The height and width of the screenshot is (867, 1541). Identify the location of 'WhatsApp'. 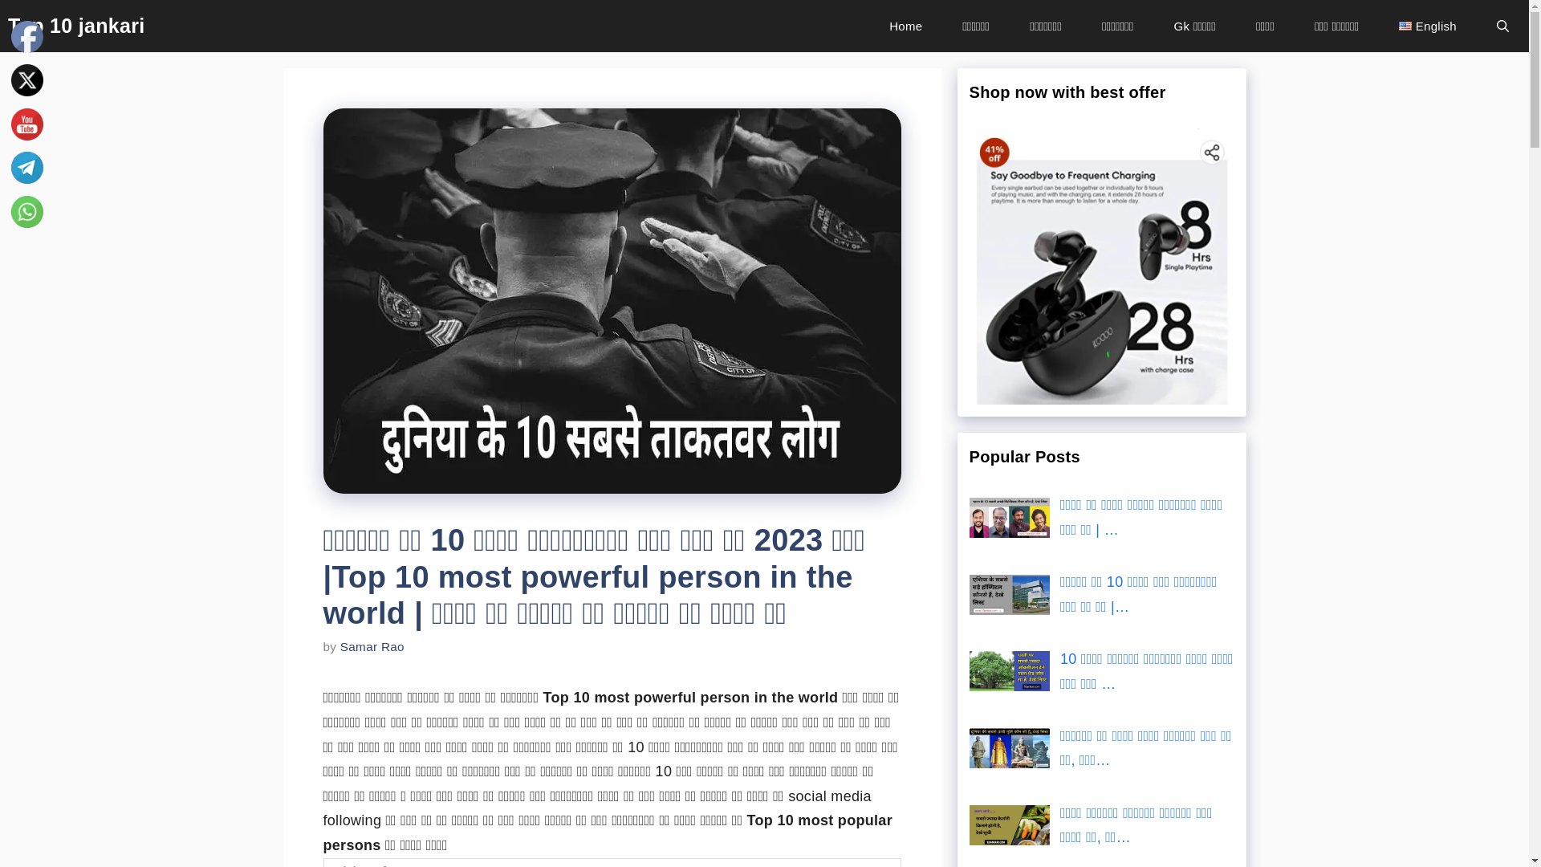
(26, 210).